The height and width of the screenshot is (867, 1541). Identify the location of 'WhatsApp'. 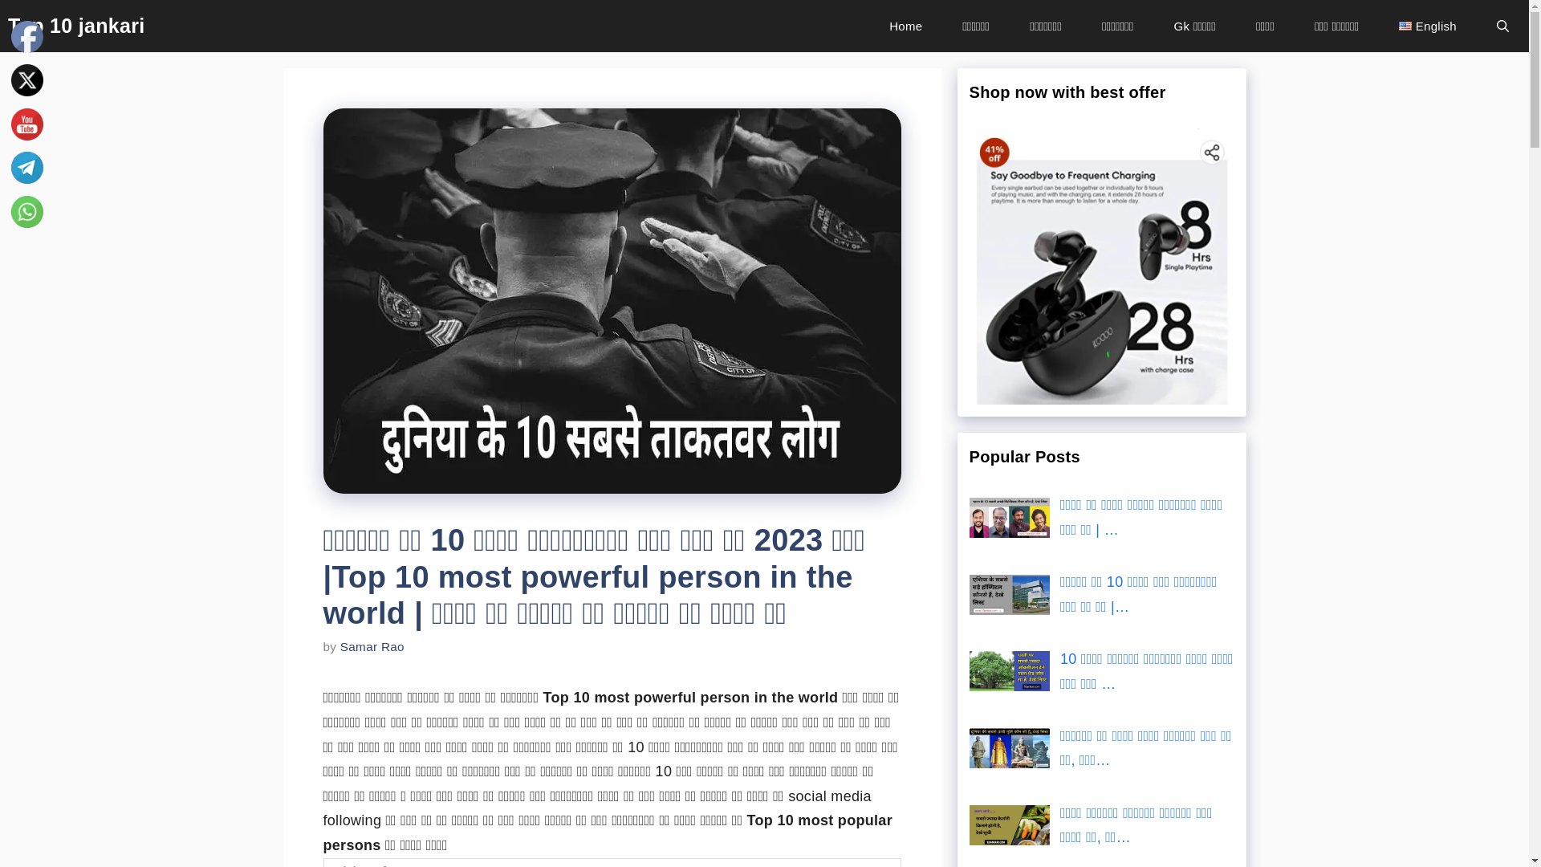
(26, 210).